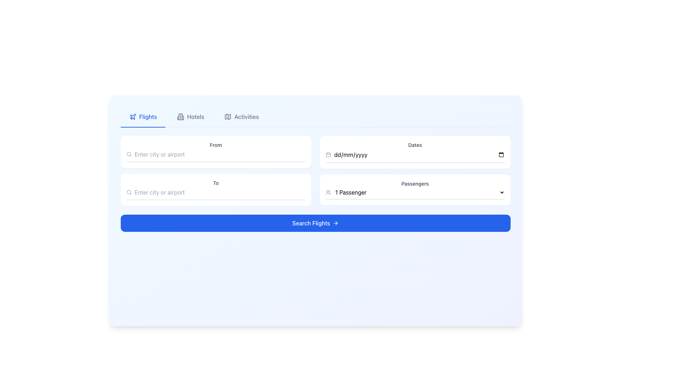  I want to click on the Date selection input field located in the upper right portion of the form layout, which allows the user to input or select a date, so click(415, 156).